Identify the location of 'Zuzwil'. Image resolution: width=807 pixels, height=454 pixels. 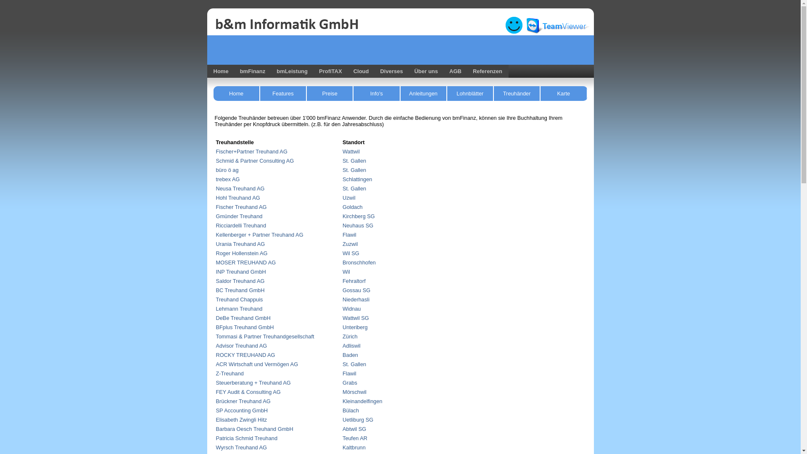
(343, 244).